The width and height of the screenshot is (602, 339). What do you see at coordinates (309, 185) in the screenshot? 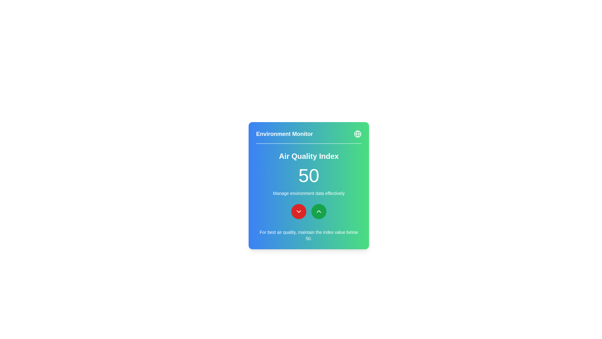
I see `displayed information from the Information Widget titled 'Environment Monitor', which includes the 'Air Quality Index' value of '50'` at bounding box center [309, 185].